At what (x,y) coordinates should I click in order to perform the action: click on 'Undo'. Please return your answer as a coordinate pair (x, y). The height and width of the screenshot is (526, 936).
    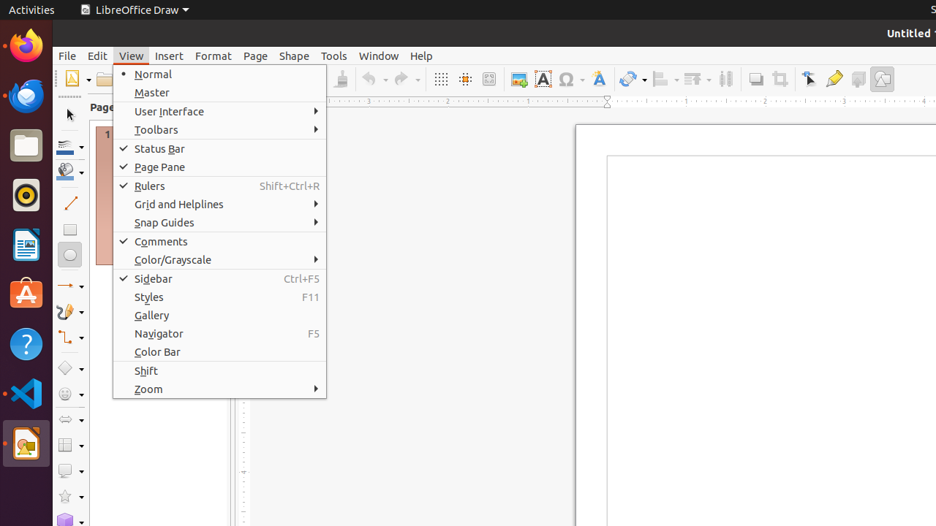
    Looking at the image, I should click on (374, 79).